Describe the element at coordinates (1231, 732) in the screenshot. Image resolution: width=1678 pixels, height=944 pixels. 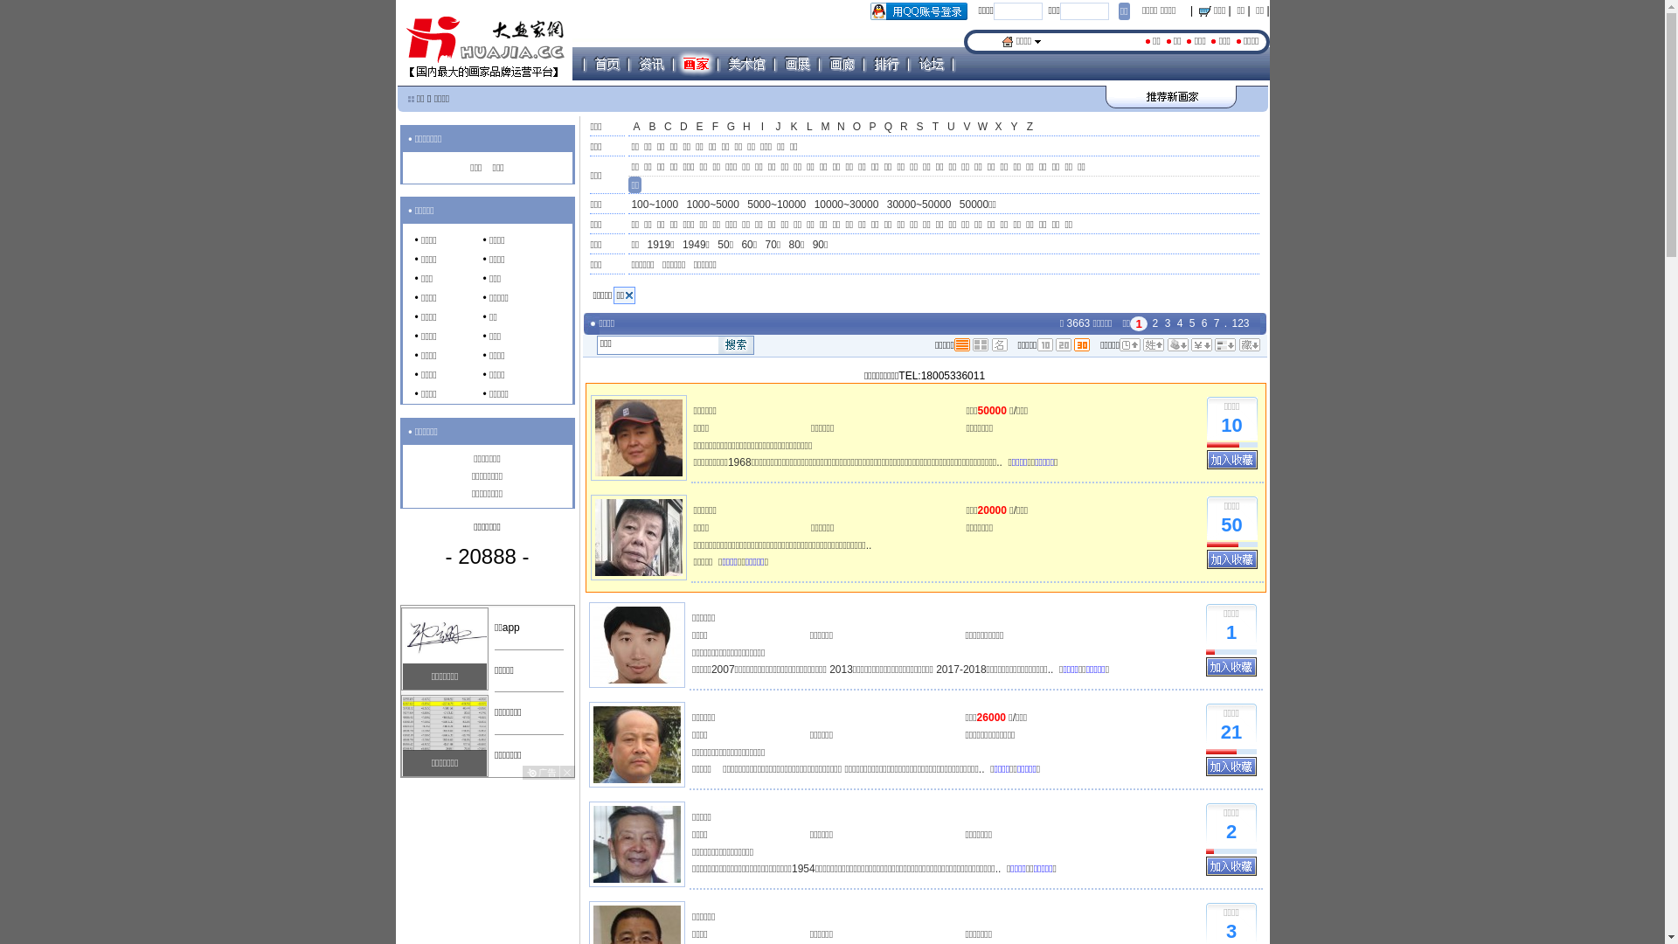
I see `'21'` at that location.